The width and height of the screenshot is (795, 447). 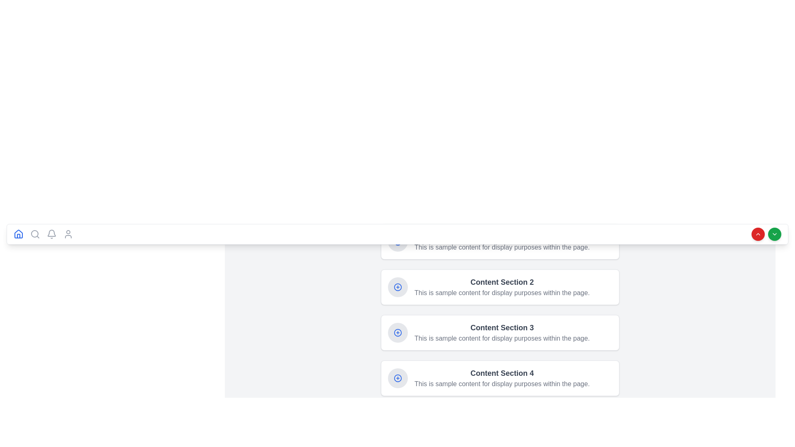 I want to click on the user profile indicator icon, which is the fifth icon in the navigation bar on the far-right, so click(x=68, y=234).